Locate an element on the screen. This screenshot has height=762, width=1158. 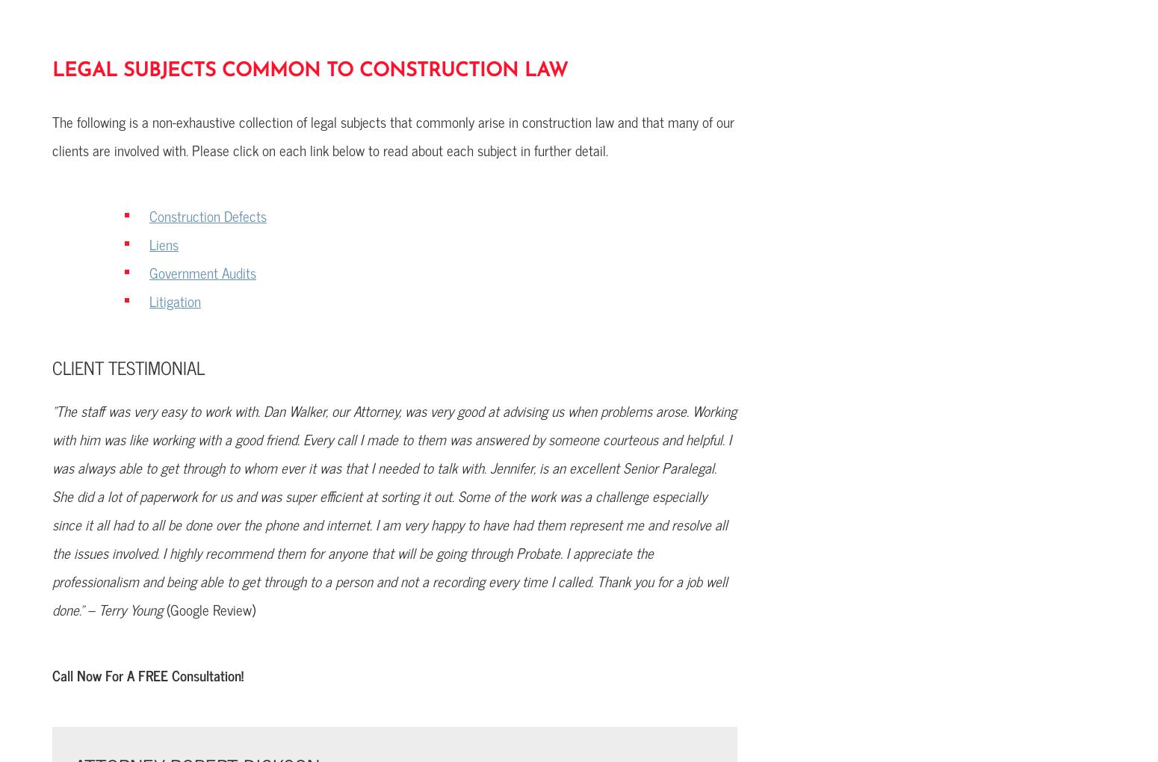
'”The staff was very easy to work with. Dan Walker, our Attorney, was very good at advising us when problems arose. Working with him was like working with a good friend. Every call I made to them was answered by someone courteous and helpful. I was always able to get through to whom ever it was that I needed to talk with. Jennifer, is an excellent Senior Paralegal. She did a lot of paperwork for us and was super efficient at sorting it out. Some of the work was a challenge especially since it all had to all be done over the phone and internet.  I am very happy to have had them represent me and resolve all the issues involved. I highly recommend them for anyone that will be going through Probate. I appreciate the professionalism and being able to get through to a person and not a recording every time I called. Thank you for a job well done.” – Terry Young' is located at coordinates (393, 509).